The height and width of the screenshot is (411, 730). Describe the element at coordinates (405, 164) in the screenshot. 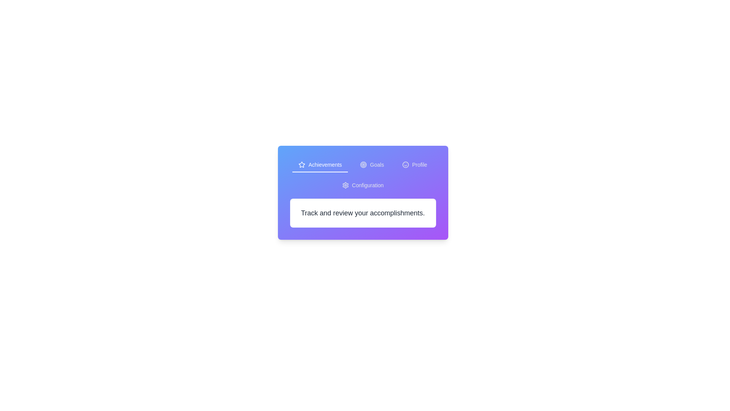

I see `the icon associated with the Profile tab to verify its functionality` at that location.